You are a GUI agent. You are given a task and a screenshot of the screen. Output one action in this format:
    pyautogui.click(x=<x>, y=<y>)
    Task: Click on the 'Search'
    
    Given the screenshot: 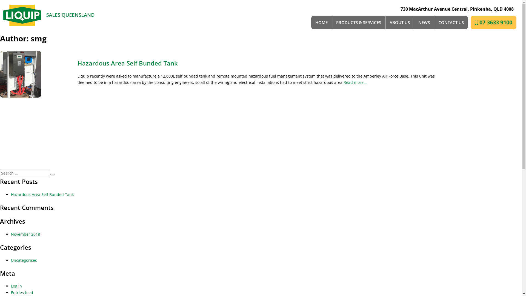 What is the action you would take?
    pyautogui.click(x=53, y=174)
    